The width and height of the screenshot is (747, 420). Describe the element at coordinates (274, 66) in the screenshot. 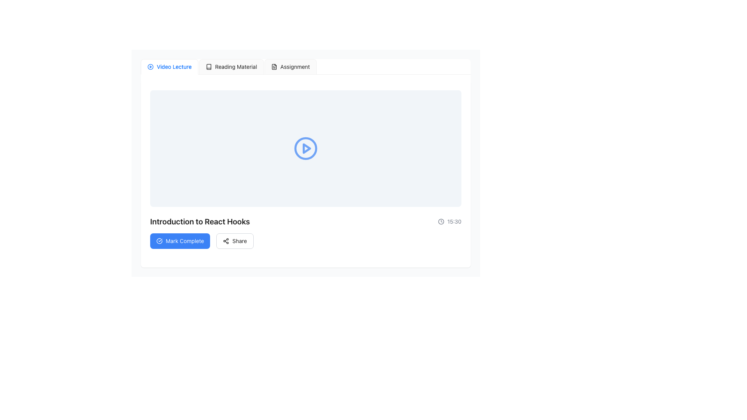

I see `the document icon in the tabbed navigation interface located between the 'Reading Material' tab and the 'Video Lecture' tab` at that location.